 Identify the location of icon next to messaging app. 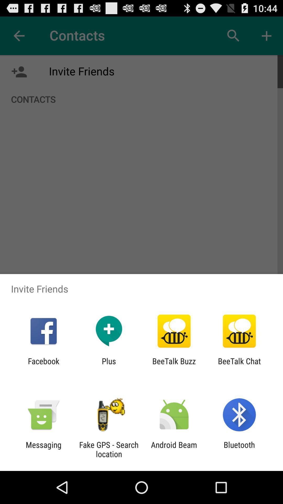
(108, 449).